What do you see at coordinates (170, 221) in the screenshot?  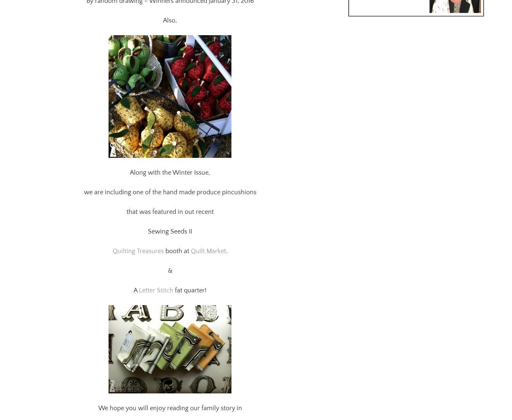 I see `'Sewing Seeds II'` at bounding box center [170, 221].